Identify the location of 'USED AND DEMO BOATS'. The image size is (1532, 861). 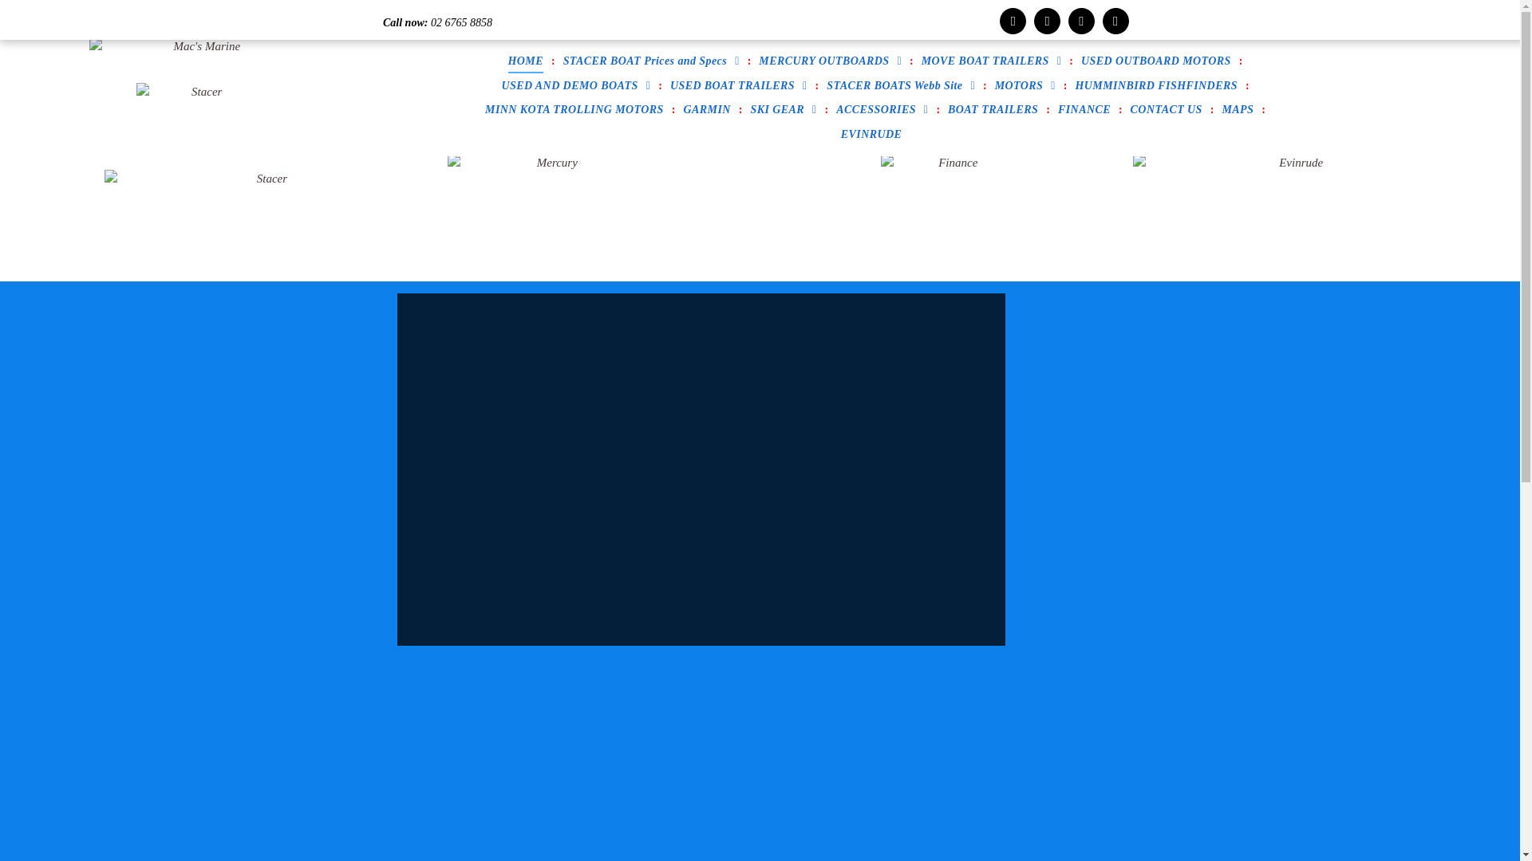
(492, 85).